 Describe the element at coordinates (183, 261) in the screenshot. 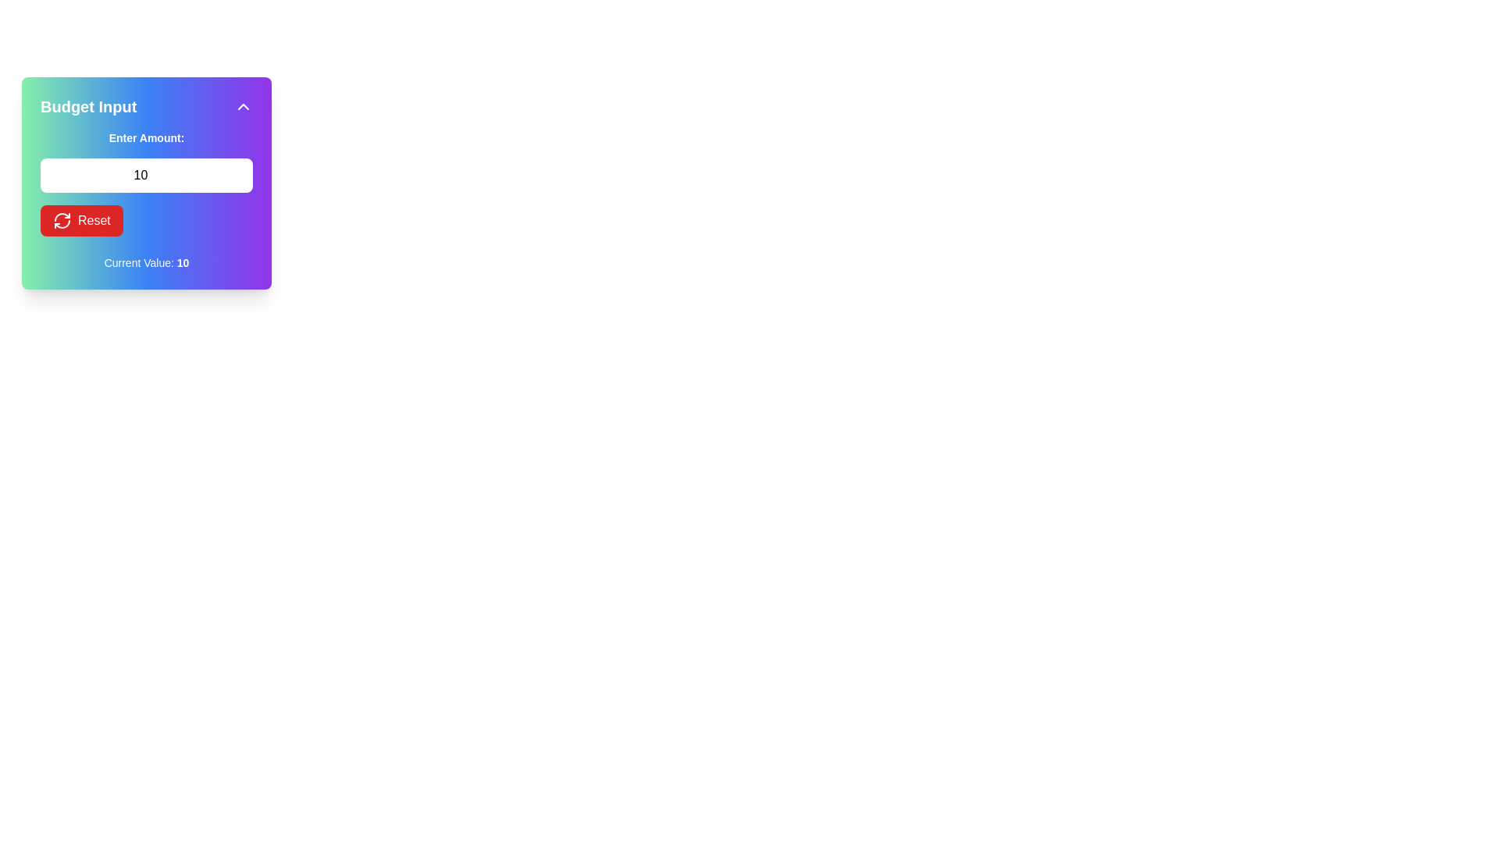

I see `the text label displaying the number '10' in bold within the 'Budget Input' card` at that location.